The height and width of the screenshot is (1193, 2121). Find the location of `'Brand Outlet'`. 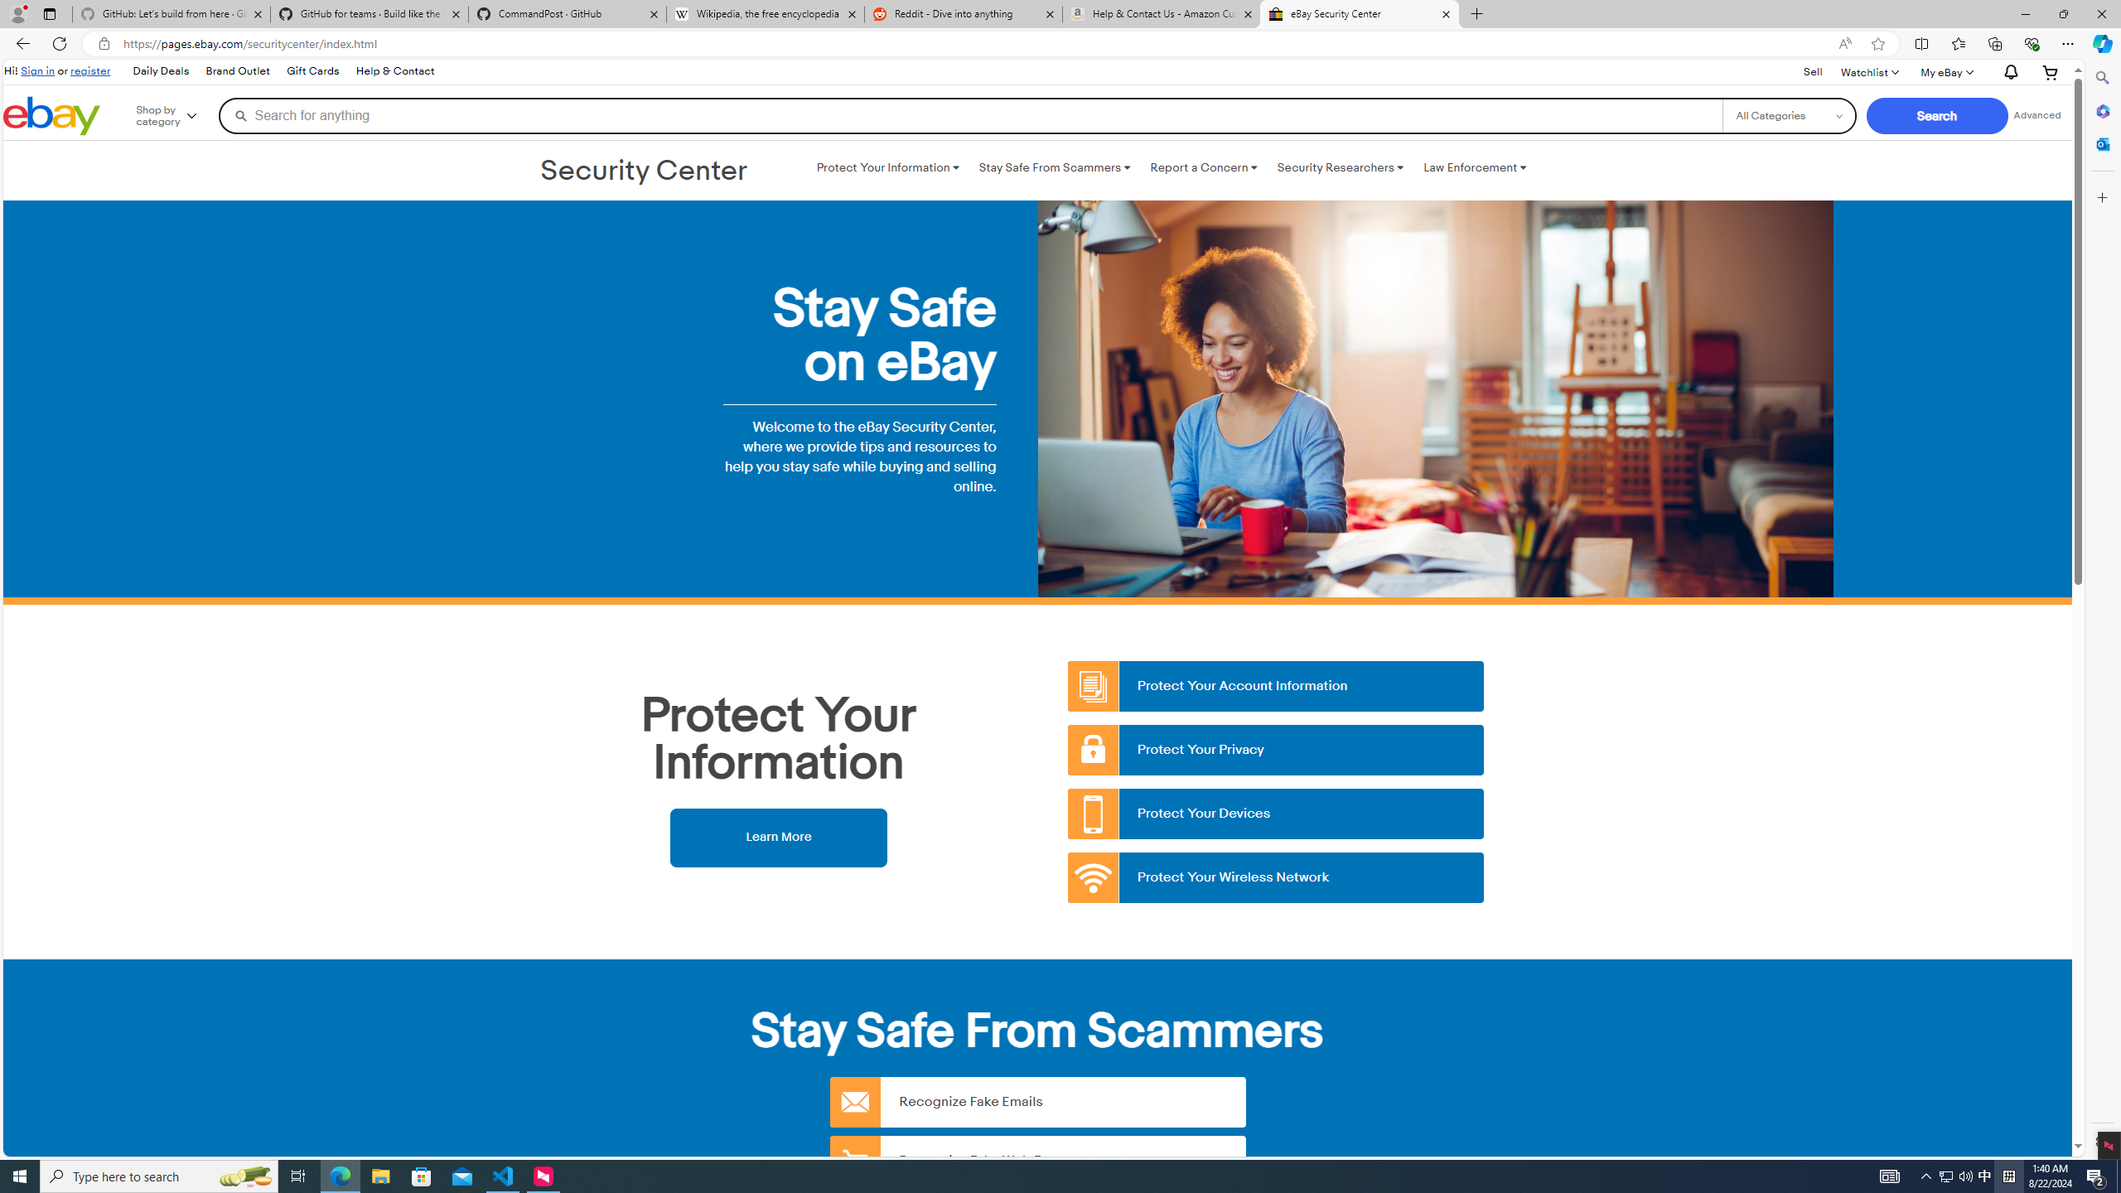

'Brand Outlet' is located at coordinates (239, 72).